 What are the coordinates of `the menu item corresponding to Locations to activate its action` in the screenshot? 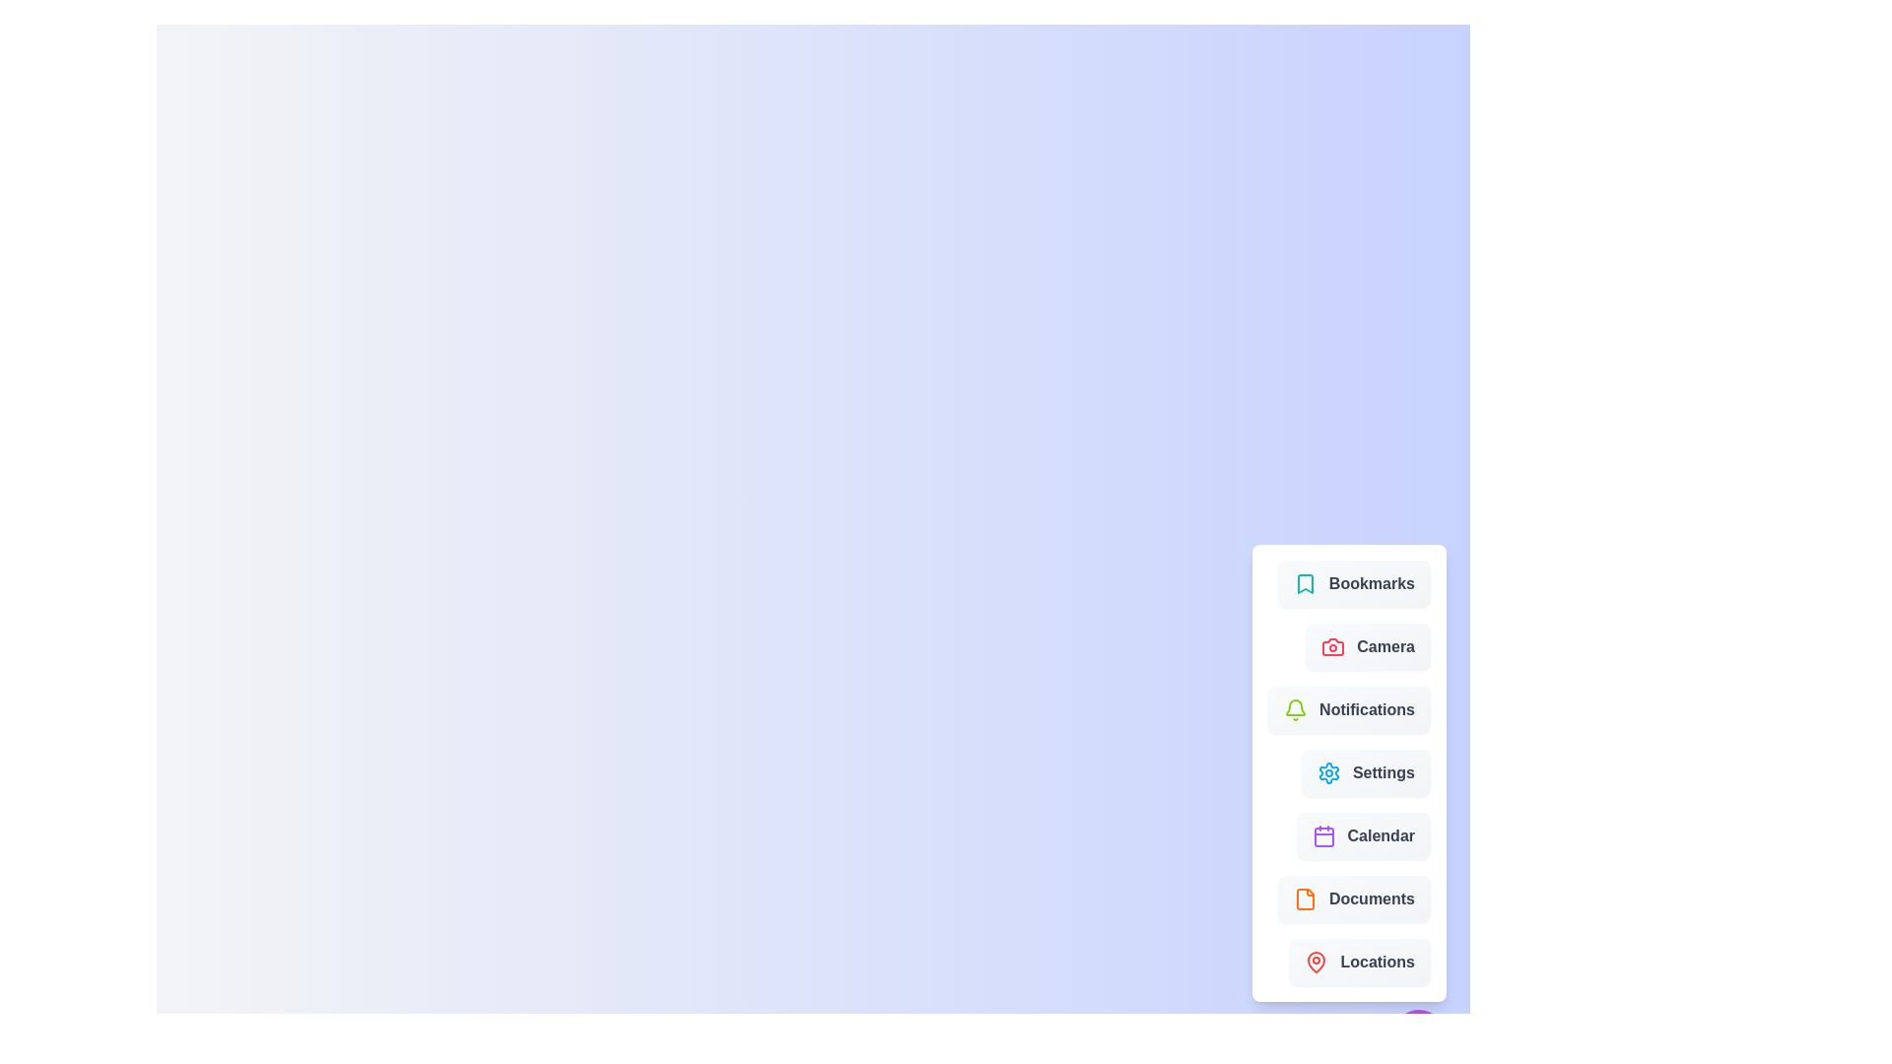 It's located at (1359, 961).